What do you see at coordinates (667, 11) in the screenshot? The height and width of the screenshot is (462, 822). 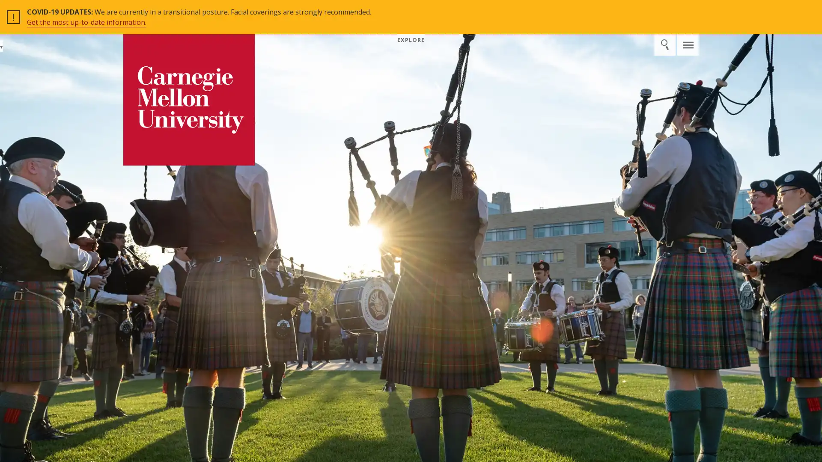 I see `Search` at bounding box center [667, 11].